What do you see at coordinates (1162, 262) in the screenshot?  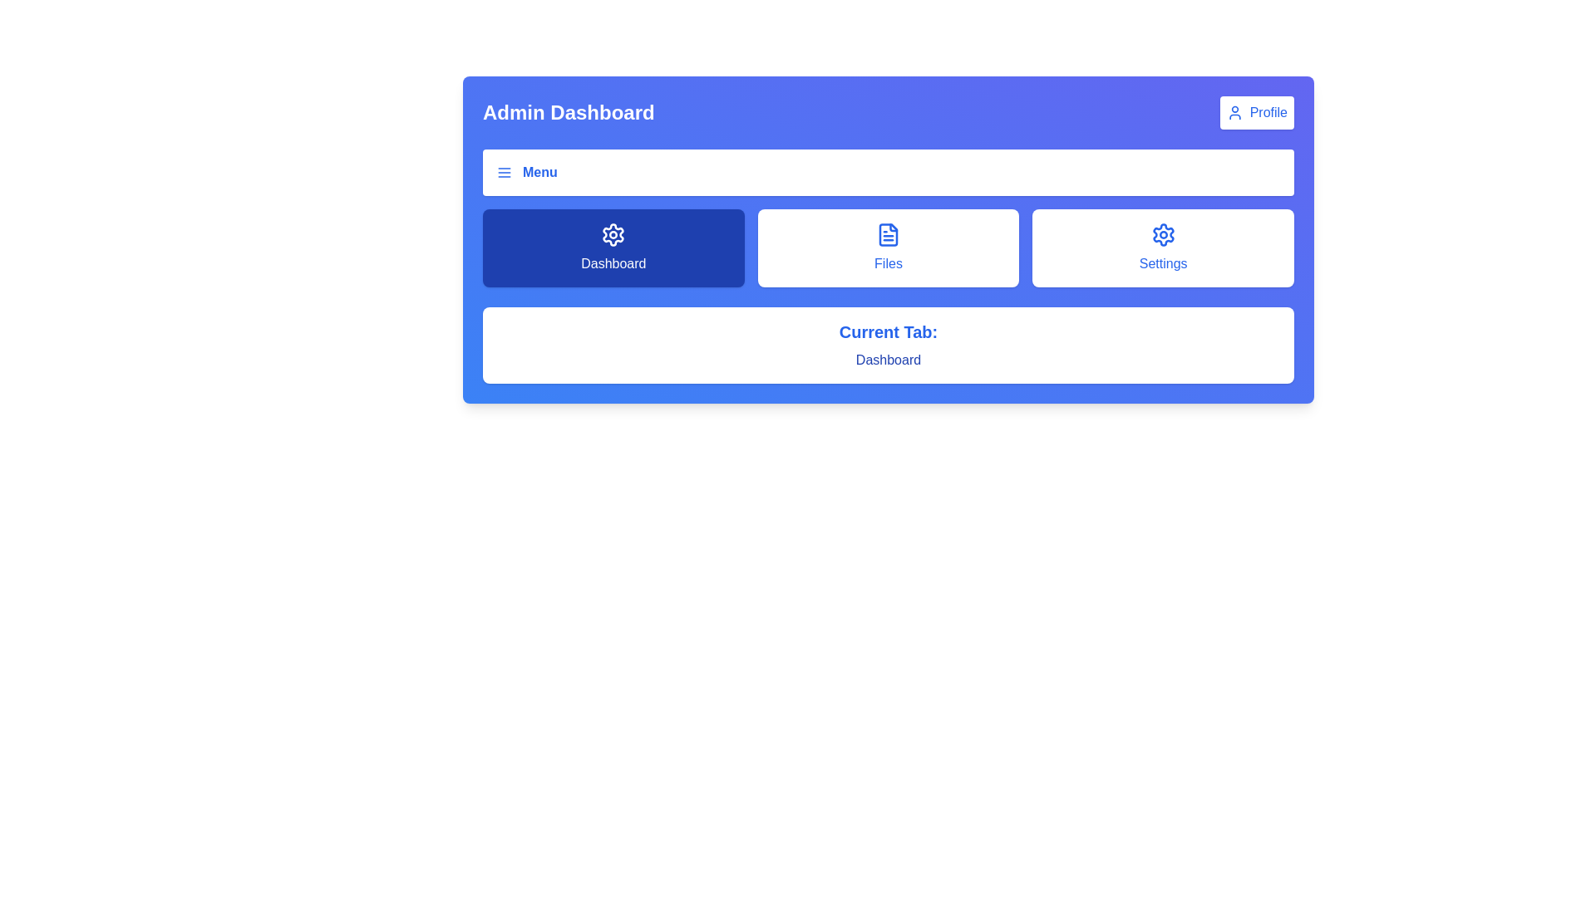 I see `the label indicating 'Settings', located at the center bottom of the third card in a row of options including 'Dashboard' and 'Files'` at bounding box center [1162, 262].